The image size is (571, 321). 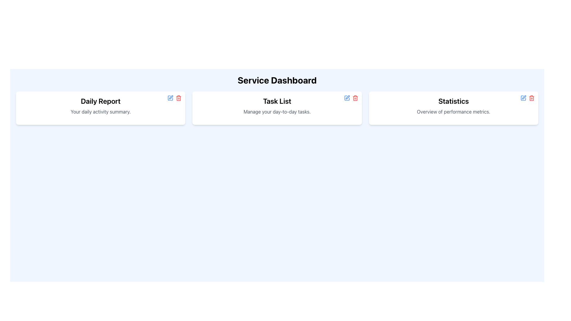 I want to click on the 'Daily Report' title heading, which is styled in bold, modern sans-serif font and located at the top of the card component, so click(x=101, y=100).